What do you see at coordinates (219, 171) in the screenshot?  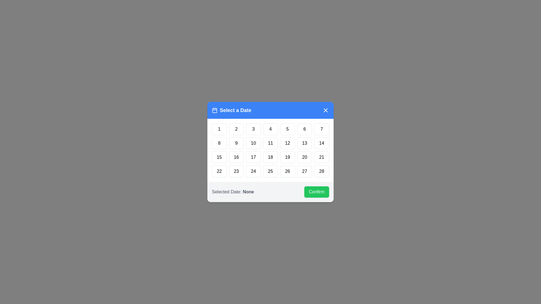 I see `the button representing the day 22 to select that date` at bounding box center [219, 171].